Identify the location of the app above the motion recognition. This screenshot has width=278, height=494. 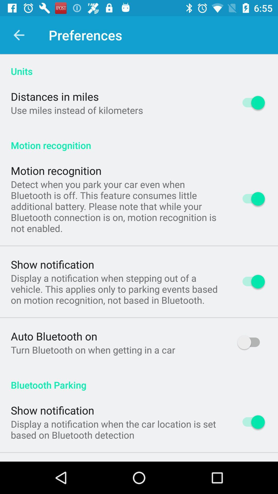
(77, 110).